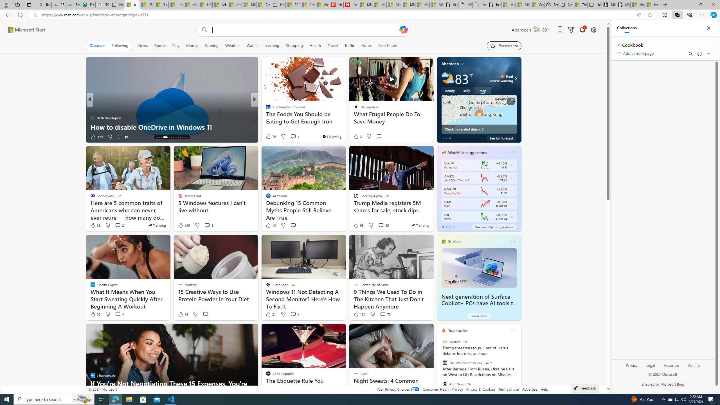  What do you see at coordinates (291, 137) in the screenshot?
I see `'View comments 40 Comment'` at bounding box center [291, 137].